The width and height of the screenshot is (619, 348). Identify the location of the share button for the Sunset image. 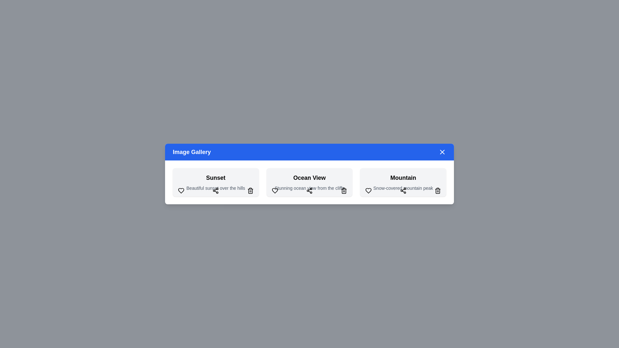
(215, 190).